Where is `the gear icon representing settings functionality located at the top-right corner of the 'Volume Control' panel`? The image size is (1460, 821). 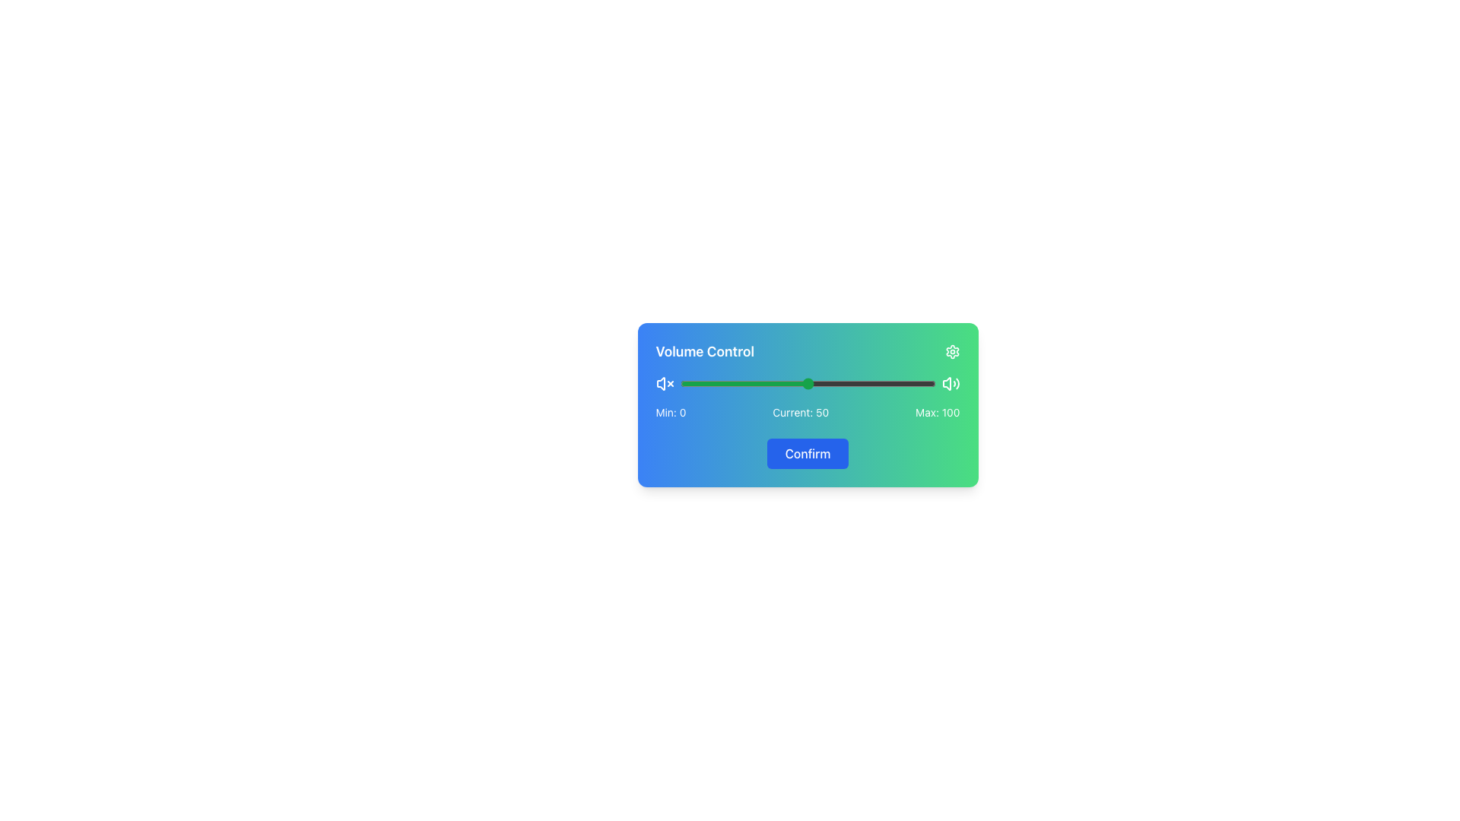 the gear icon representing settings functionality located at the top-right corner of the 'Volume Control' panel is located at coordinates (951, 351).